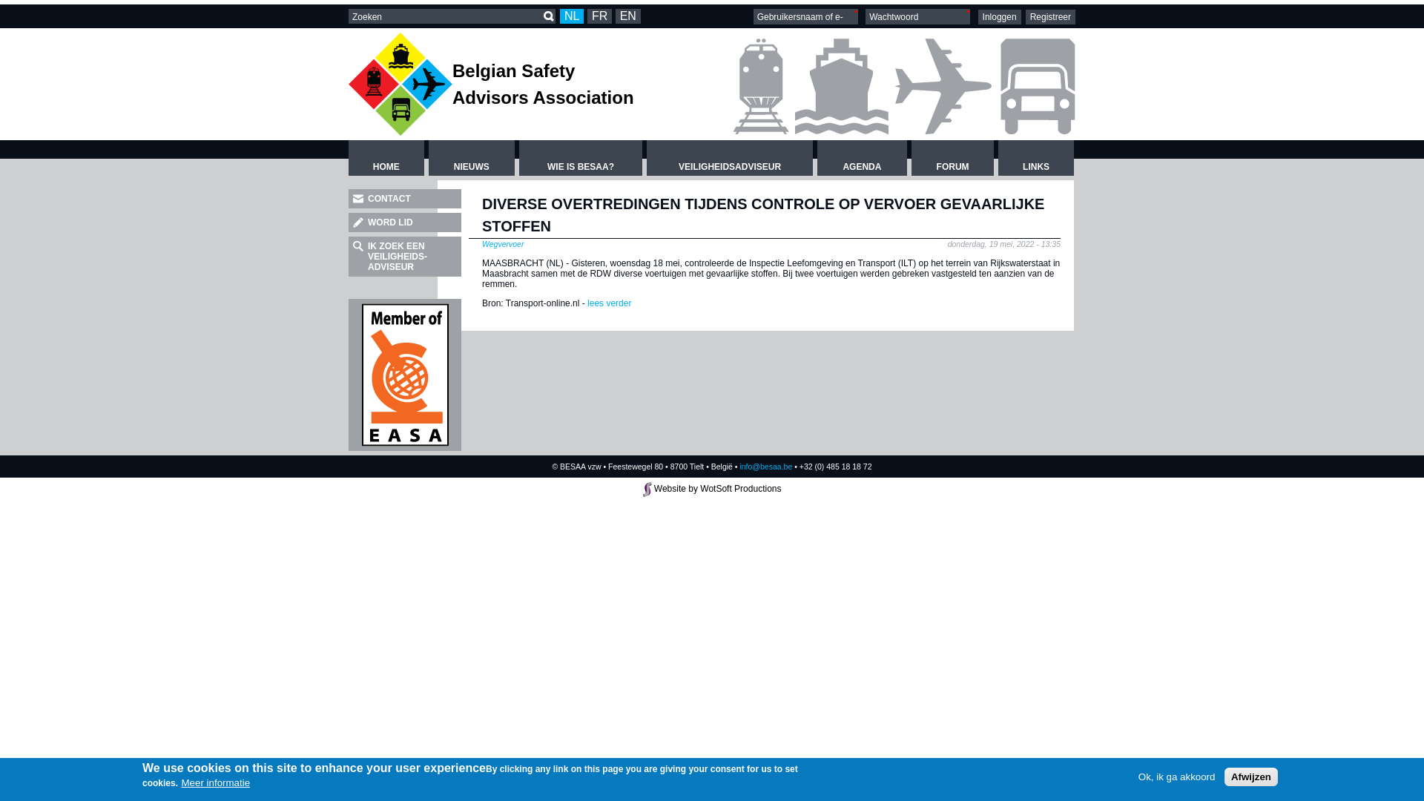  I want to click on 'lees verder', so click(584, 302).